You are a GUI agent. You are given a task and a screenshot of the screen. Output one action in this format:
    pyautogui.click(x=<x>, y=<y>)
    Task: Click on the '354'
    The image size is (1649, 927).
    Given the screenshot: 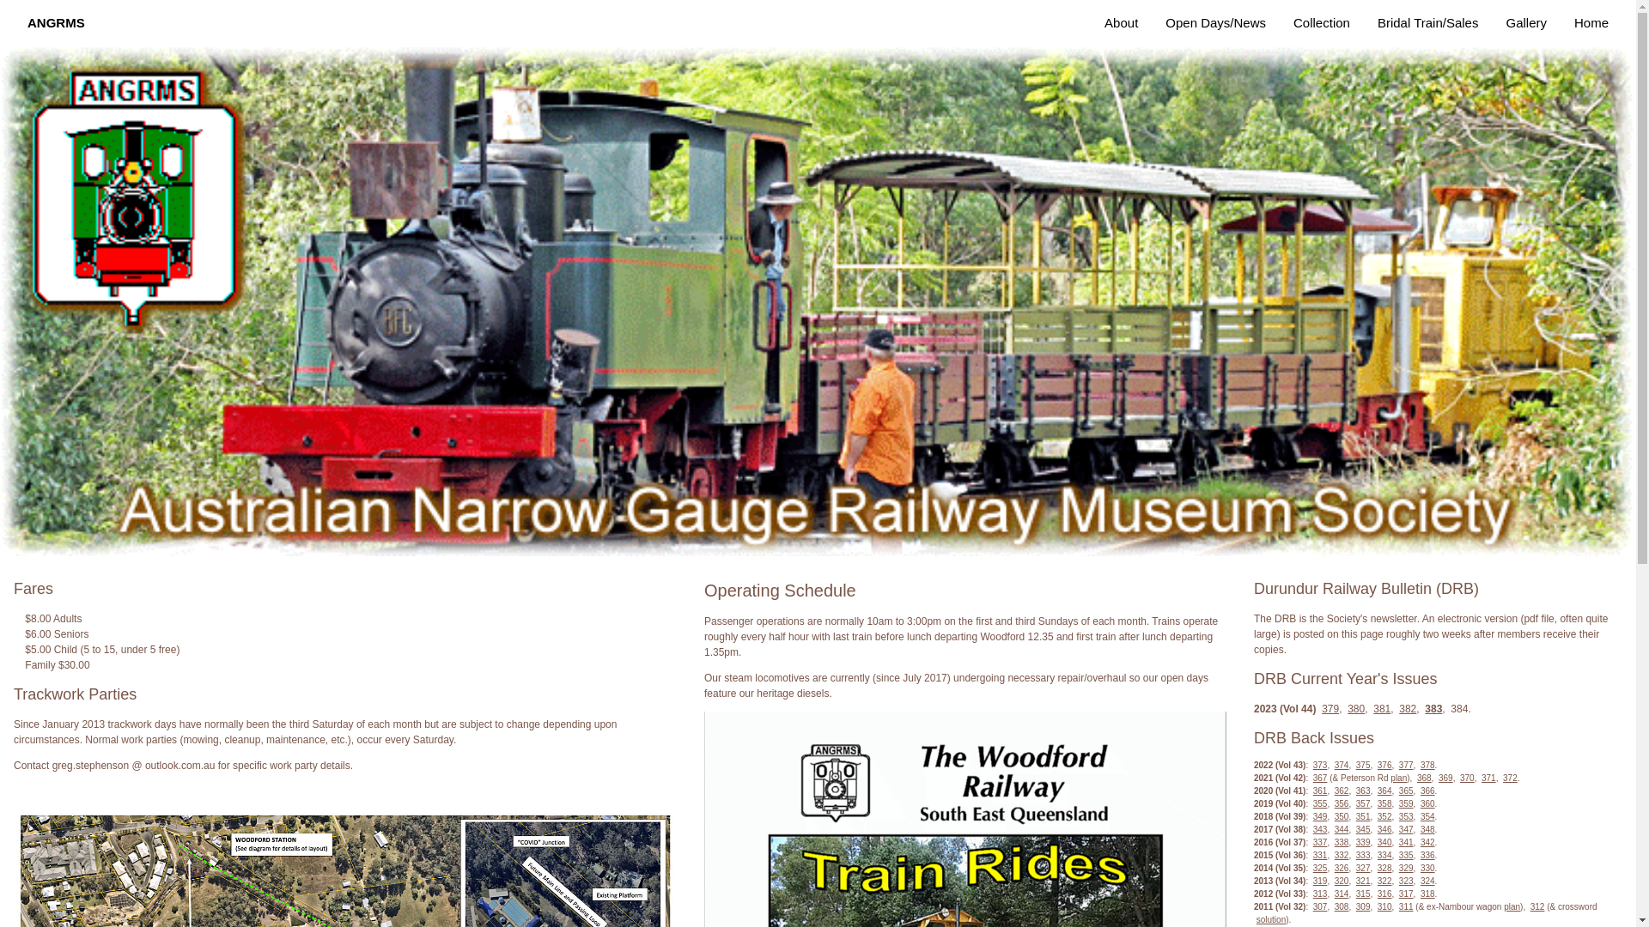 What is the action you would take?
    pyautogui.click(x=1427, y=815)
    